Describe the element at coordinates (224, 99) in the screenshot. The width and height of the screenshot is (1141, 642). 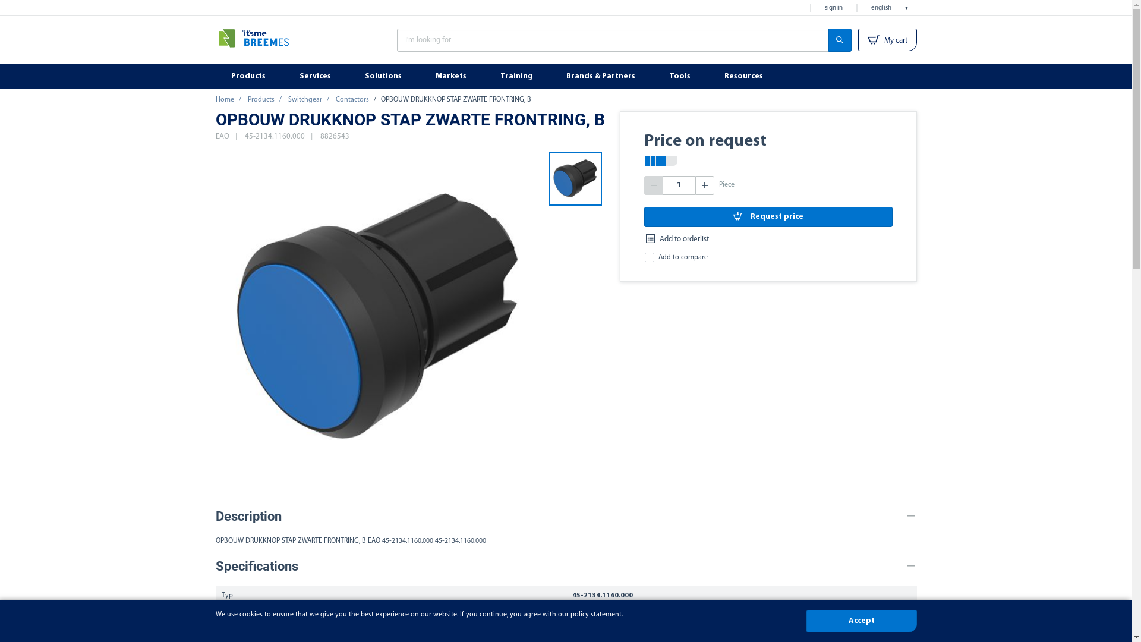
I see `'Home'` at that location.